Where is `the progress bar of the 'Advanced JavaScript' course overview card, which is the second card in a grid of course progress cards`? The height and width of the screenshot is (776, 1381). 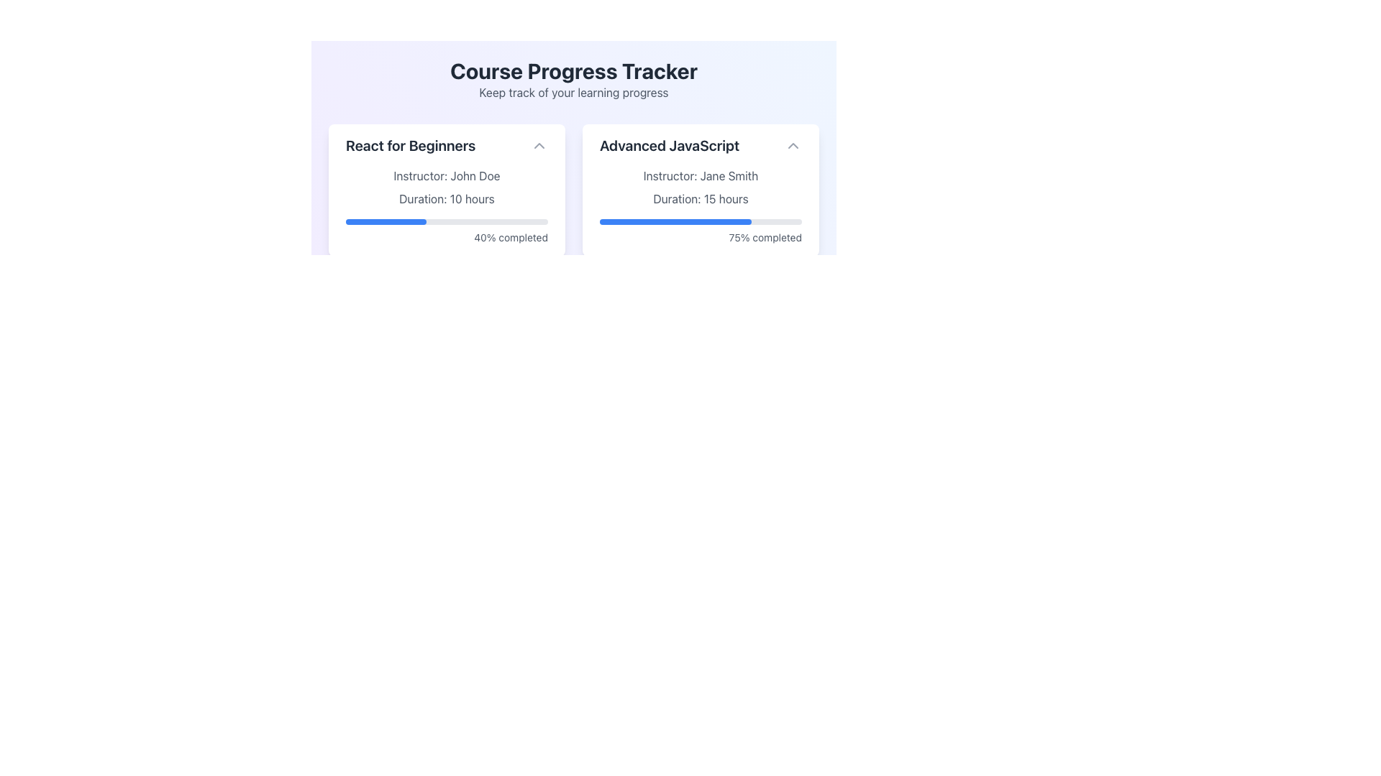
the progress bar of the 'Advanced JavaScript' course overview card, which is the second card in a grid of course progress cards is located at coordinates (701, 190).